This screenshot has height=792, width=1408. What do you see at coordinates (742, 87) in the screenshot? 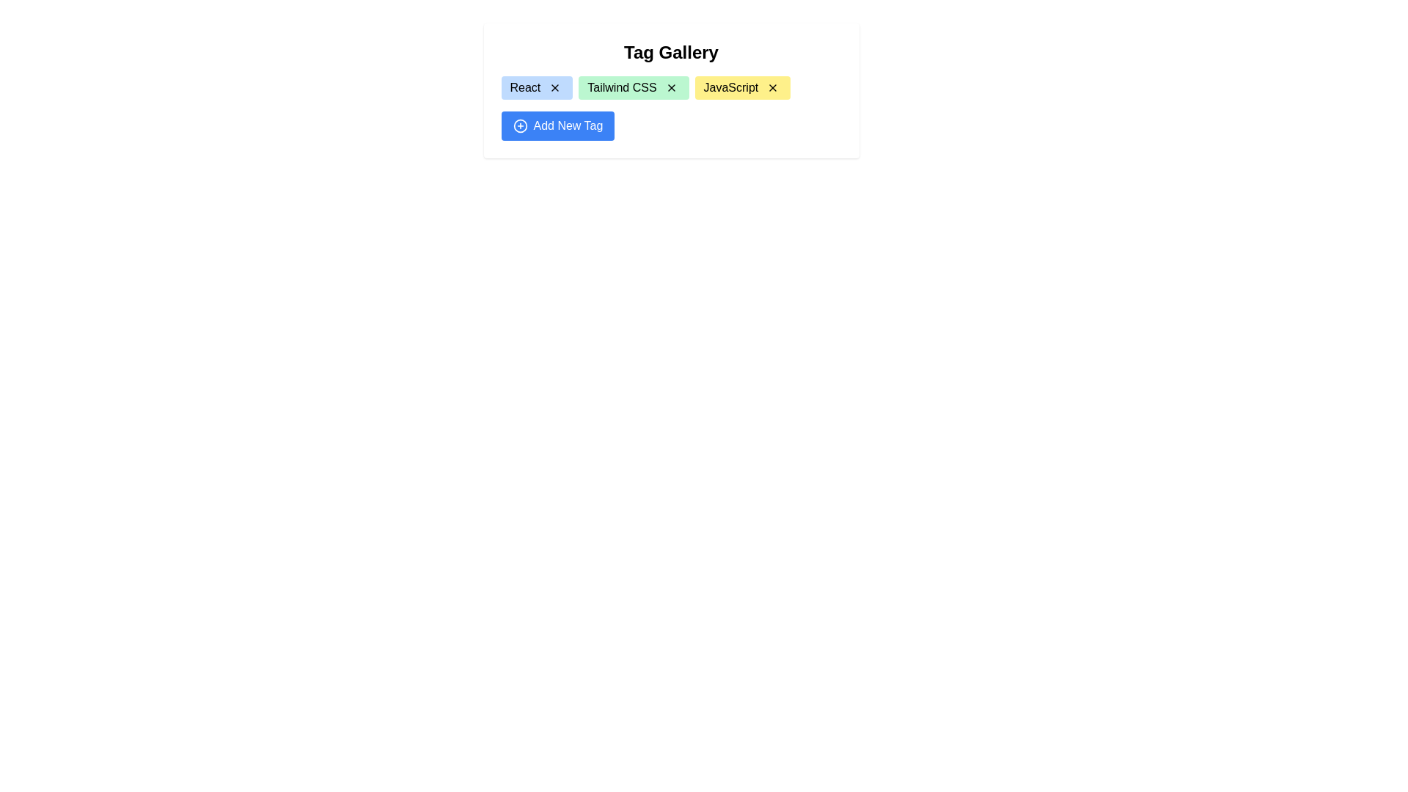
I see `the '×' icon on the 'JavaScript' tag` at bounding box center [742, 87].